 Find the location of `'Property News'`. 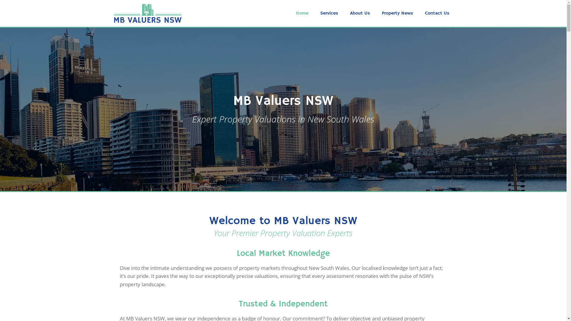

'Property News' is located at coordinates (397, 13).